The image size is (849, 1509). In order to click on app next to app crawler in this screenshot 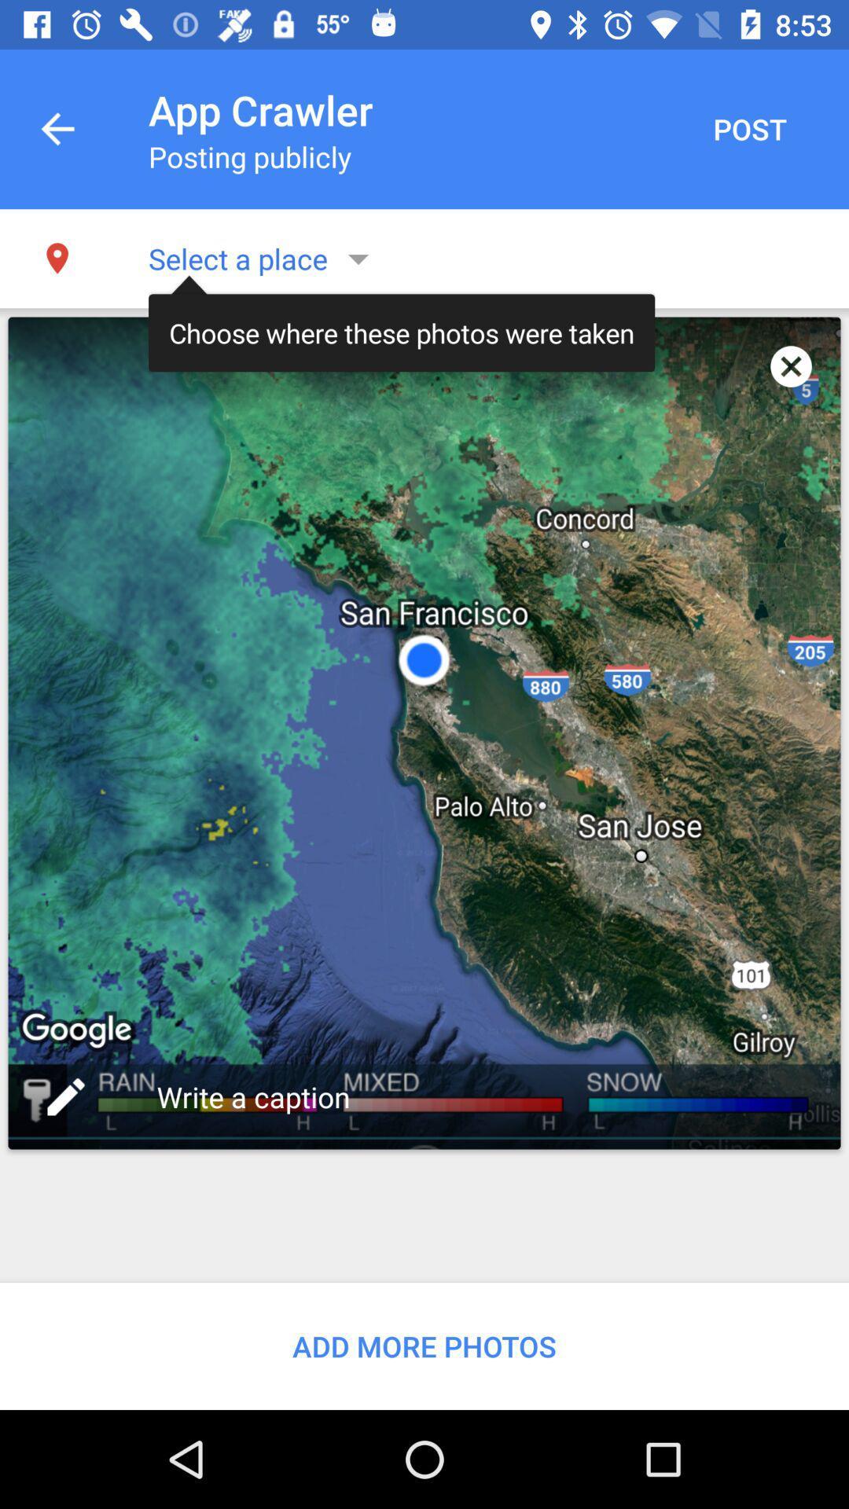, I will do `click(748, 129)`.